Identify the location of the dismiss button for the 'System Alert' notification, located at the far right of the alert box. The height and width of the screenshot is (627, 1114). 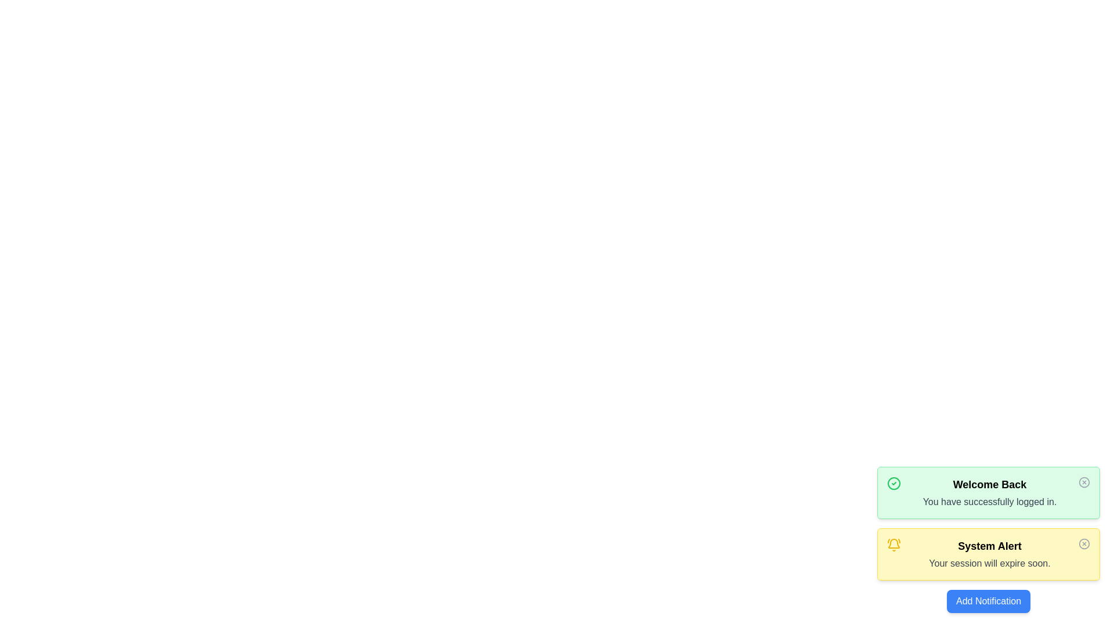
(1083, 544).